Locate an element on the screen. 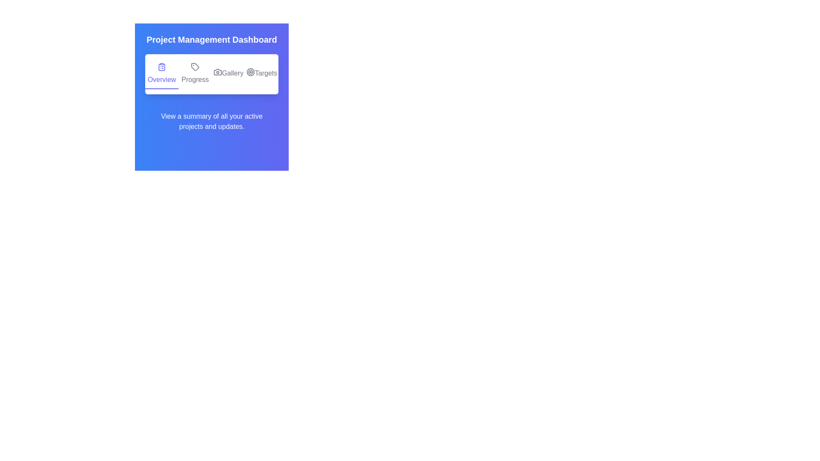 The height and width of the screenshot is (461, 820). the header labeled 'Project Management Dashboard' to focus or highlight it is located at coordinates (211, 39).